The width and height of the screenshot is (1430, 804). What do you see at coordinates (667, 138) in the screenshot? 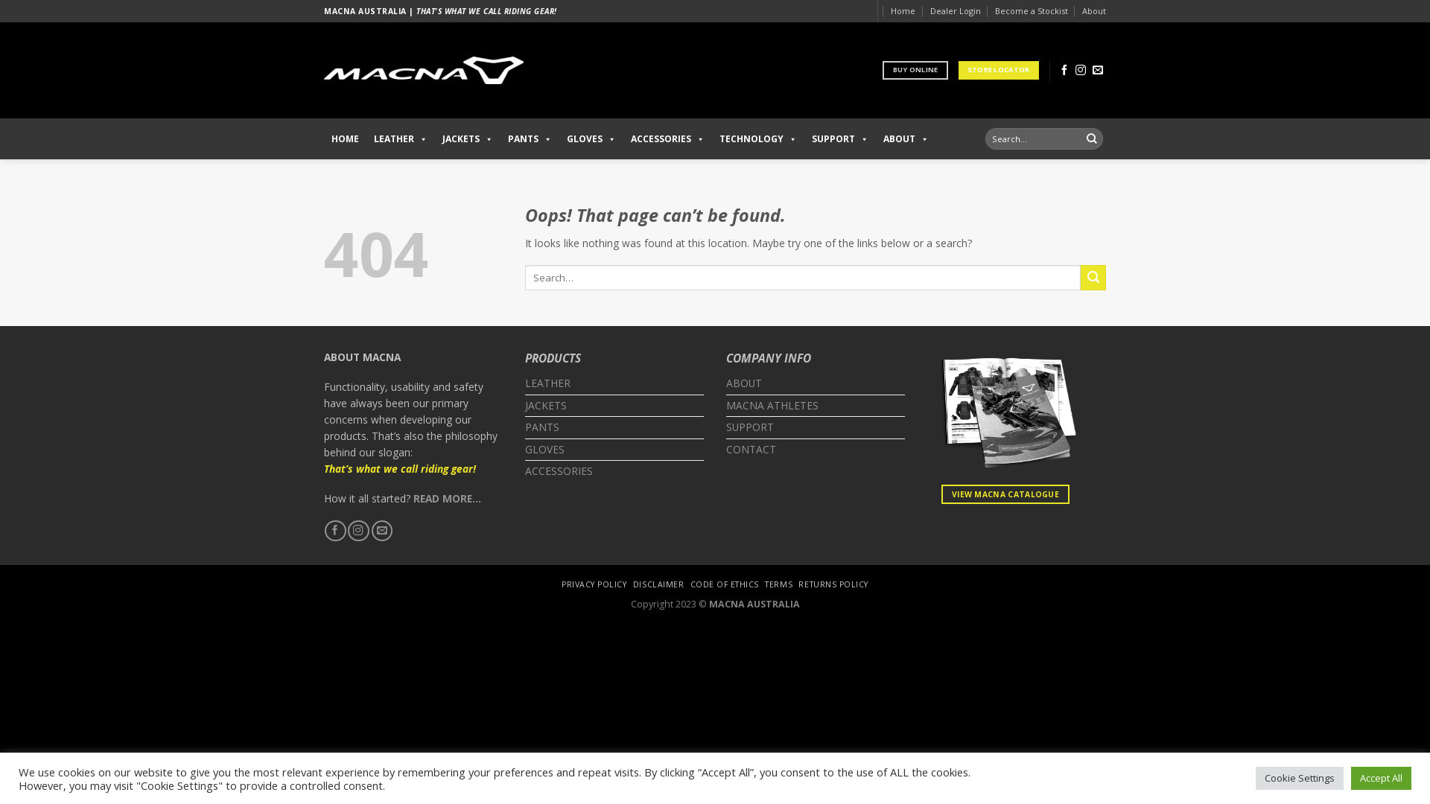
I see `'ACCESSORIES'` at bounding box center [667, 138].